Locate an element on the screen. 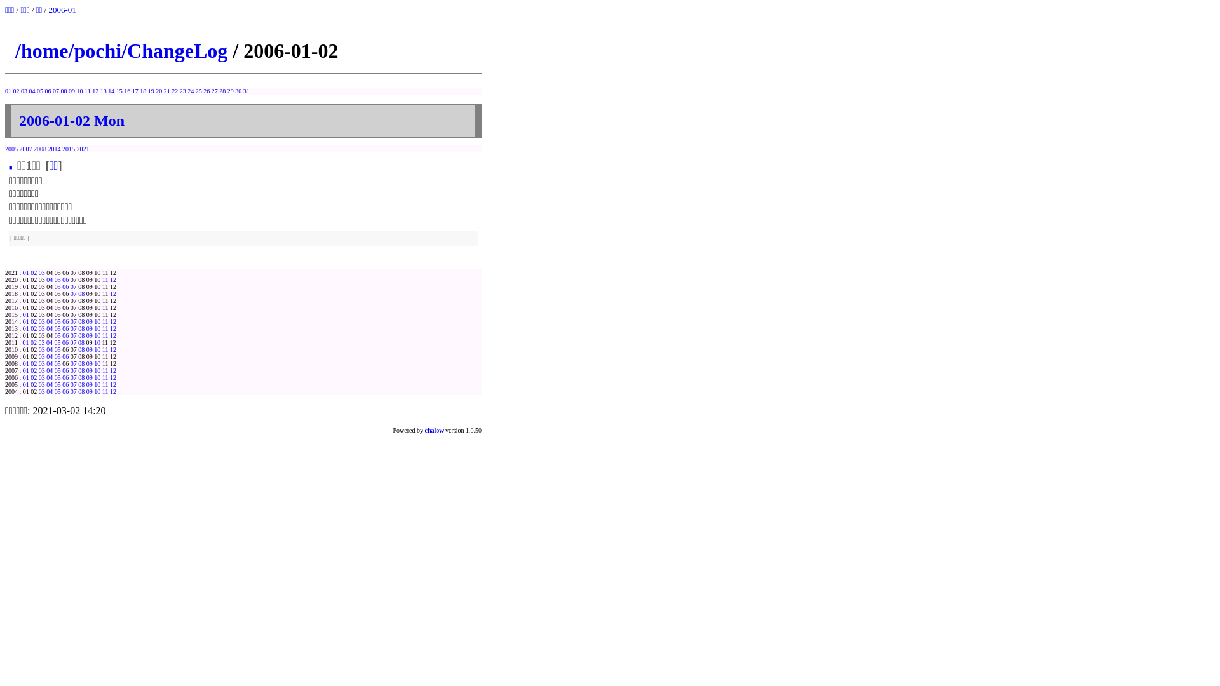 The width and height of the screenshot is (1220, 686). '22' is located at coordinates (173, 90).